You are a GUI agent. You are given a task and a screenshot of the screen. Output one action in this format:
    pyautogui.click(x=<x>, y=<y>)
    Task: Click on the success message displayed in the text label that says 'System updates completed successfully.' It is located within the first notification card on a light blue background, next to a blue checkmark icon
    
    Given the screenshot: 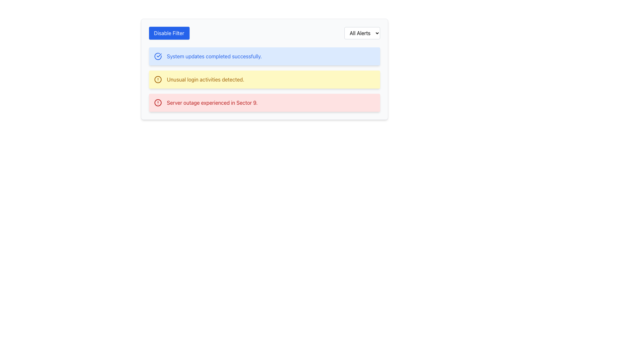 What is the action you would take?
    pyautogui.click(x=214, y=56)
    